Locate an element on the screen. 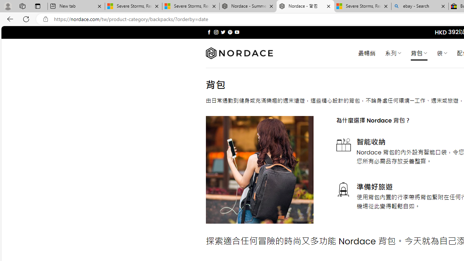  'Follow on Instagram' is located at coordinates (216, 32).